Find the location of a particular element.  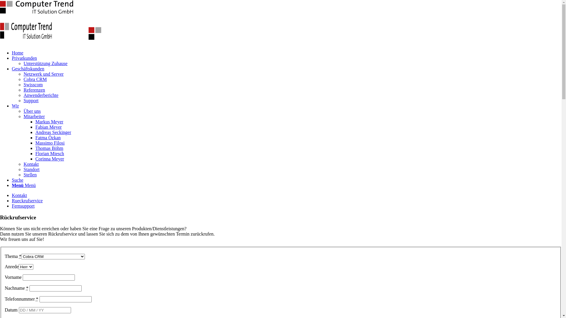

'Wir' is located at coordinates (15, 105).